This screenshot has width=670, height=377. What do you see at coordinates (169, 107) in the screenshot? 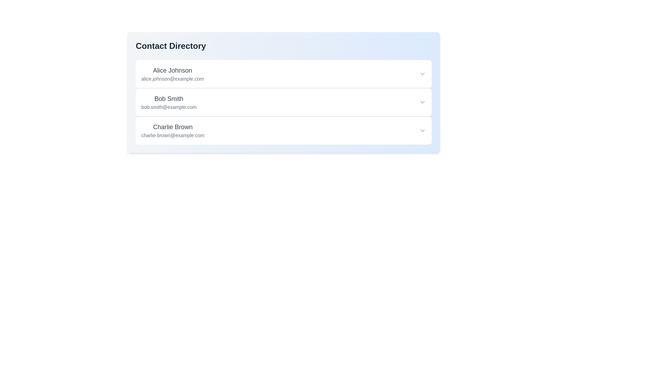
I see `the static text component displaying the email address associated with the contact 'Bob Smith', which is positioned directly beneath 'Bob Smith' within the contact card section` at bounding box center [169, 107].